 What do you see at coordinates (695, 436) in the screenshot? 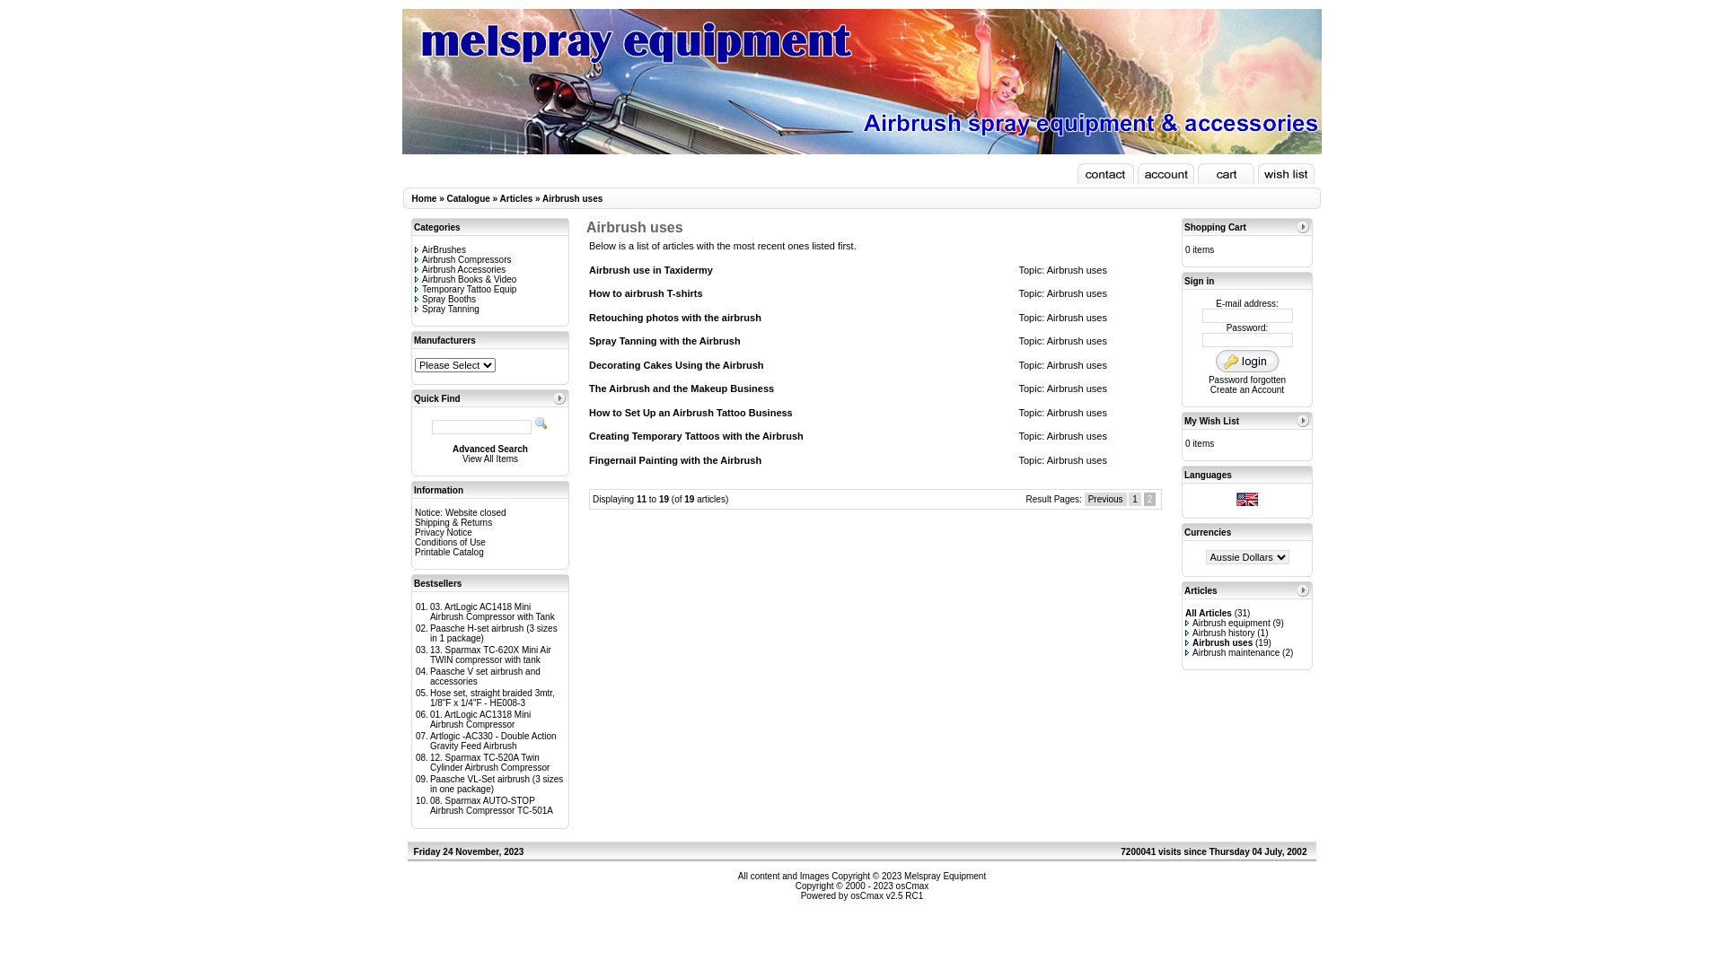
I see `'Creating Temporary Tattoos with the Airbrush'` at bounding box center [695, 436].